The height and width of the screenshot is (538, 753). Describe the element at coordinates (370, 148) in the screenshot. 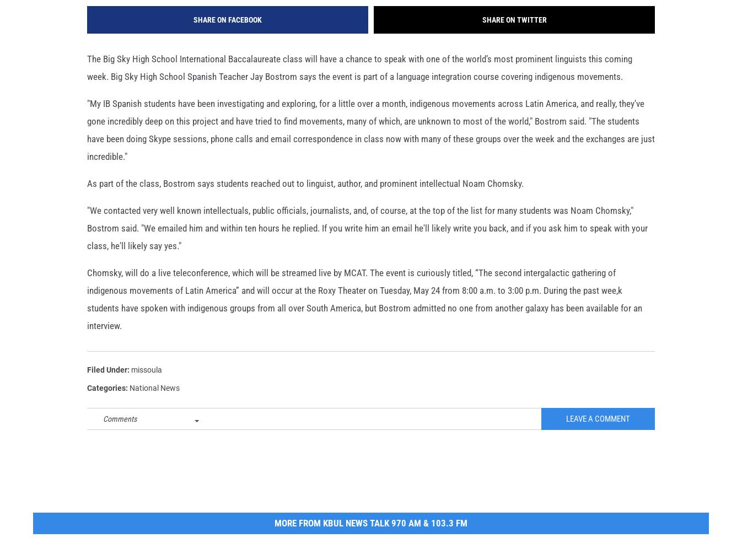

I see `'"My IB Spanish students have been investigating and exploring, for a little over a month, indigenous movements across Latin America, and really, they've gone incredibly deep on this project and have tried to find movements, many of which, are unknown to most of the world," Bostrom said. "The students have been doing Skype sessions, phone calls and email correspondence in class now with many of these groups over the week and the exchanges are just incredible."'` at that location.